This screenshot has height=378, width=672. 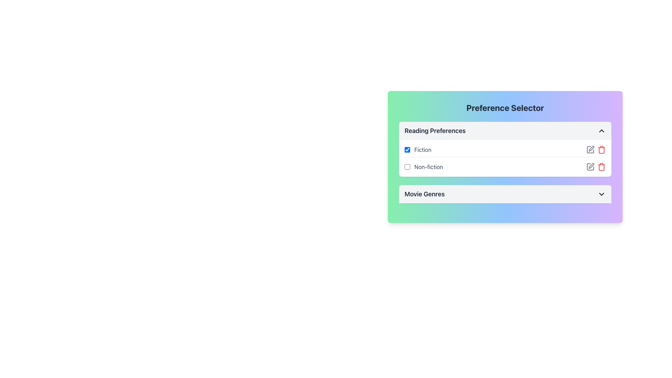 What do you see at coordinates (424, 194) in the screenshot?
I see `text label for the 'Movie Genres' section, which serves as a header for a dropdown menu in the 'Preference Selector' card` at bounding box center [424, 194].